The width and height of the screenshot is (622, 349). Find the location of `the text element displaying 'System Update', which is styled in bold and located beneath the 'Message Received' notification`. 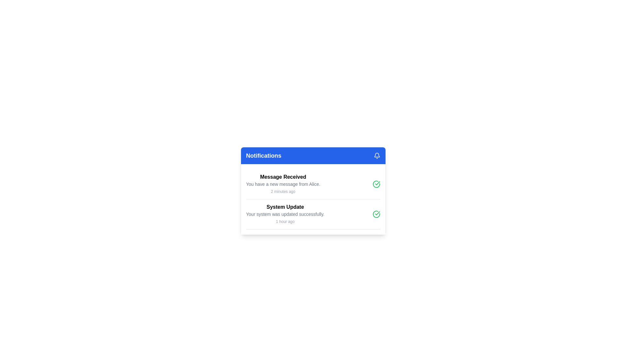

the text element displaying 'System Update', which is styled in bold and located beneath the 'Message Received' notification is located at coordinates (285, 207).